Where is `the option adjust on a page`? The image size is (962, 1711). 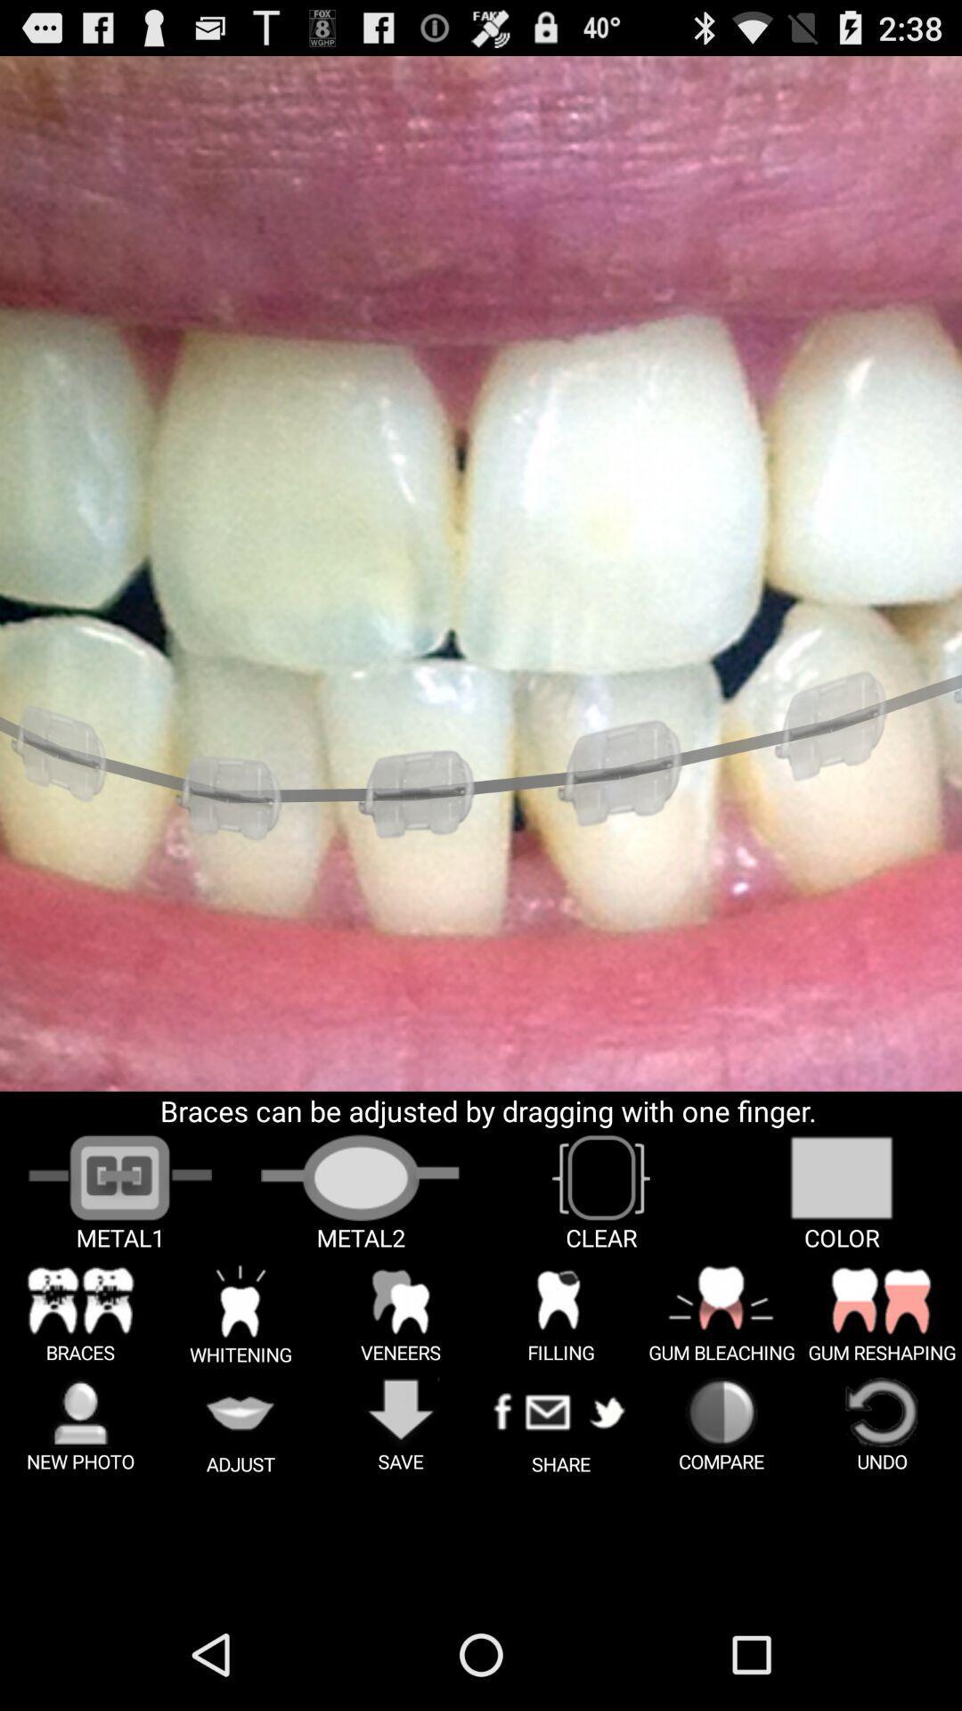
the option adjust on a page is located at coordinates (240, 1426).